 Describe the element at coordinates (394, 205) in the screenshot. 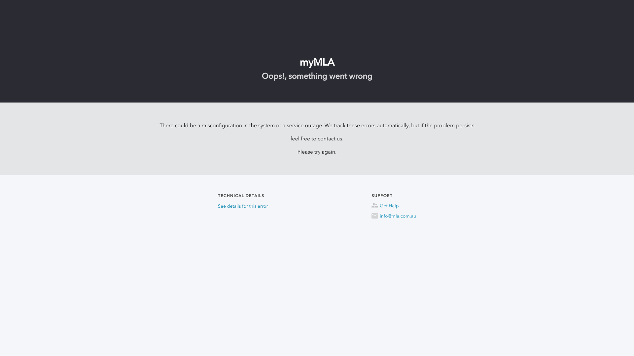

I see `'Get Help'` at that location.